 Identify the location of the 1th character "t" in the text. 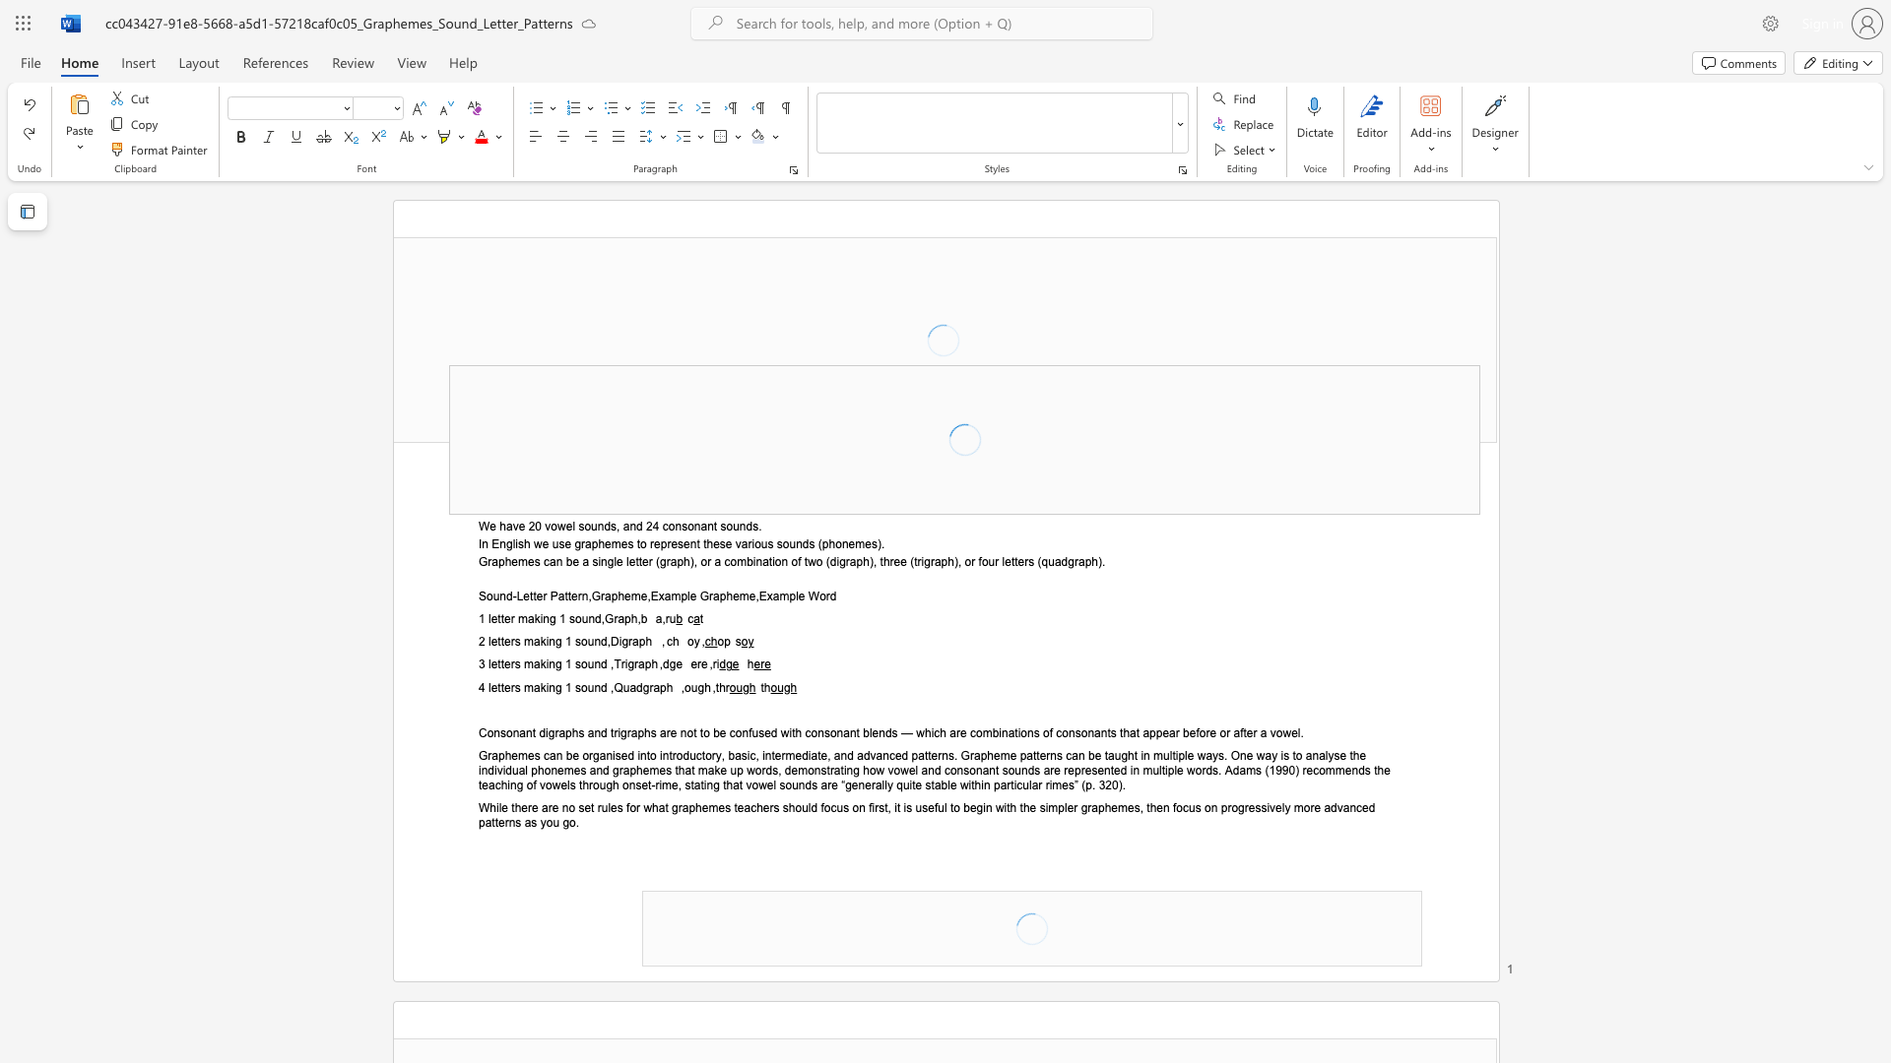
(637, 561).